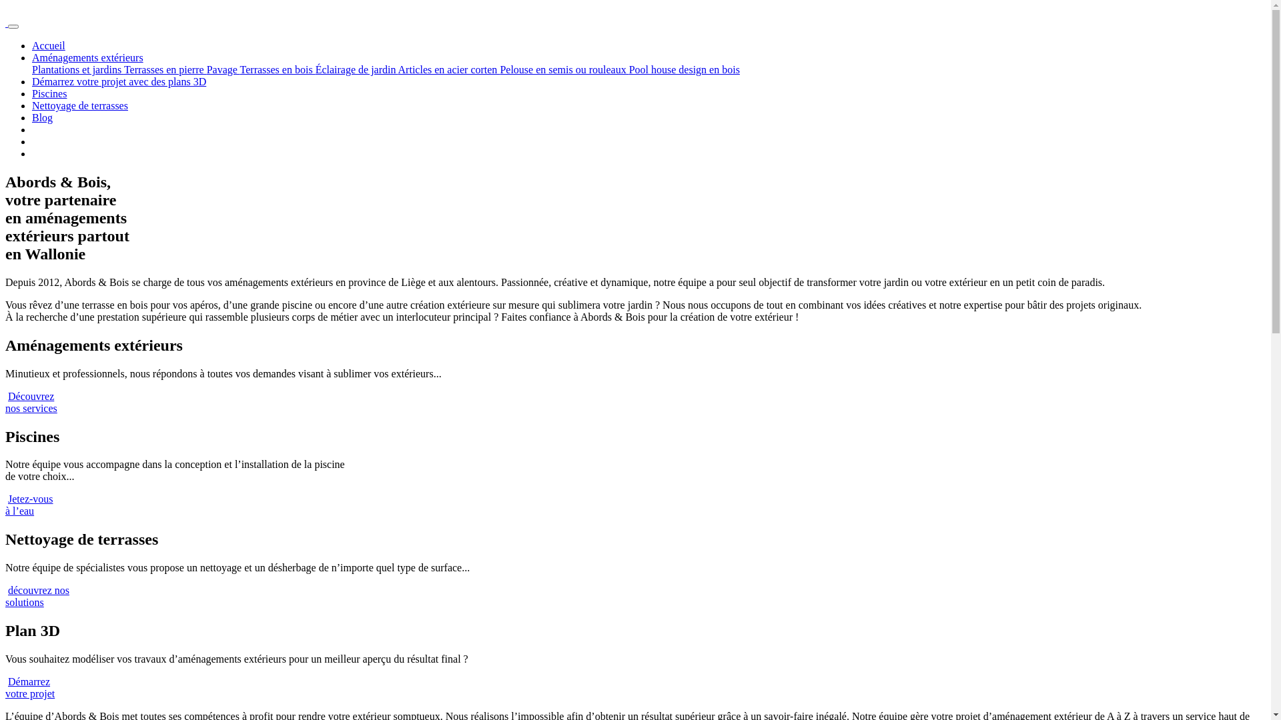  What do you see at coordinates (32, 105) in the screenshot?
I see `'Nettoyage de terrasses'` at bounding box center [32, 105].